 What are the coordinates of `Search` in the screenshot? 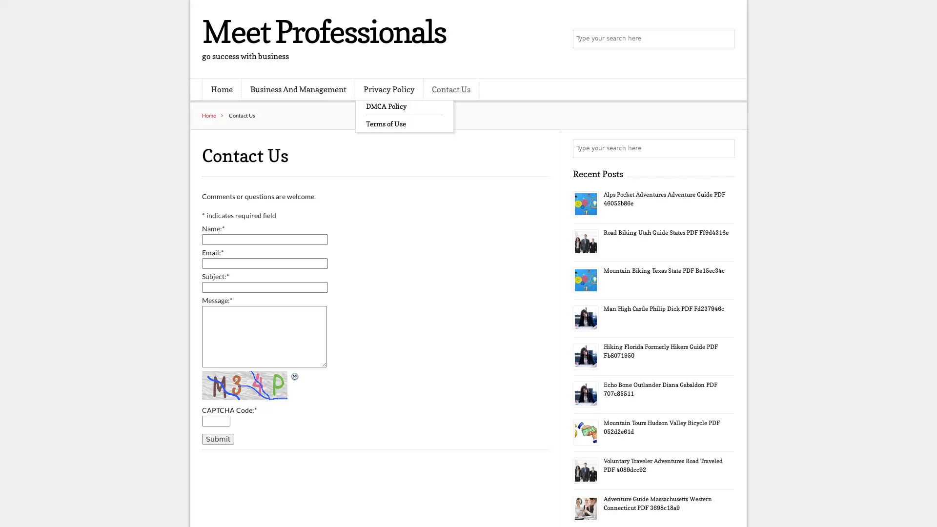 It's located at (725, 39).